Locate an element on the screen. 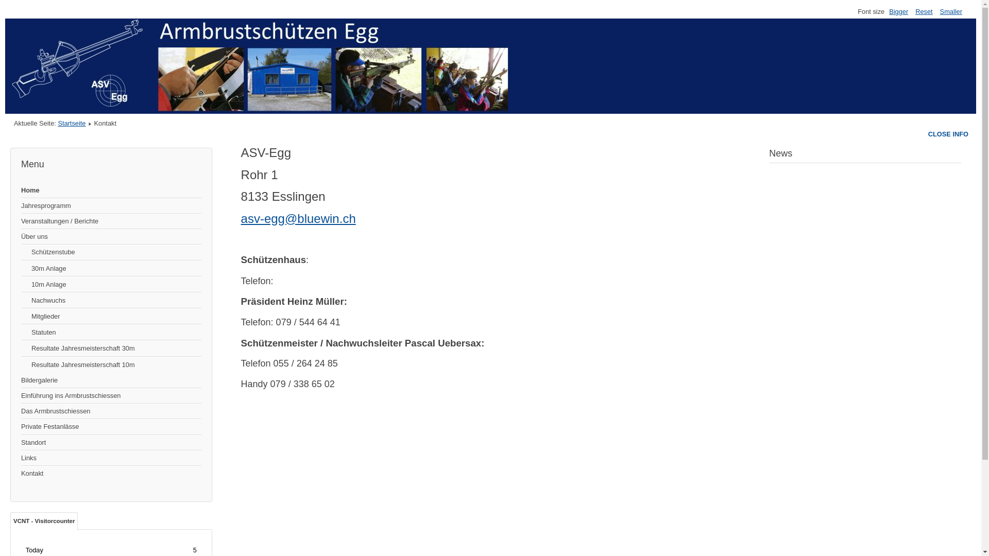 Image resolution: width=989 pixels, height=556 pixels. 'Standort' is located at coordinates (111, 442).